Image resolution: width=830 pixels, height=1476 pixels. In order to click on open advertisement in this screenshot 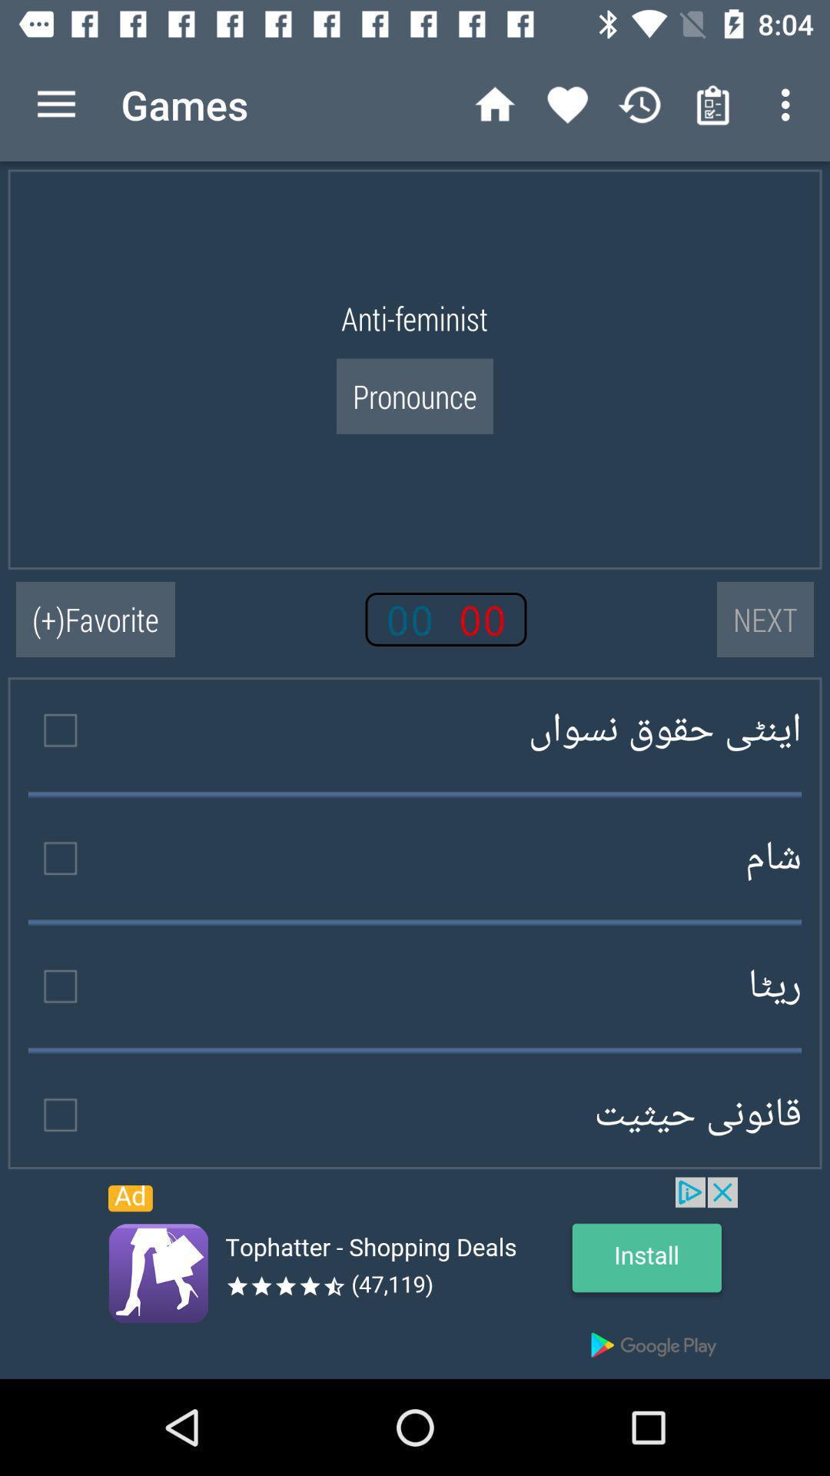, I will do `click(415, 1278)`.